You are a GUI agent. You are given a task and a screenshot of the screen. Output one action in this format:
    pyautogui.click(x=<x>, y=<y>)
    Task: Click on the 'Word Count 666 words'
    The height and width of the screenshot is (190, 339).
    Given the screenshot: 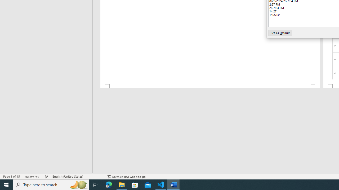 What is the action you would take?
    pyautogui.click(x=32, y=177)
    